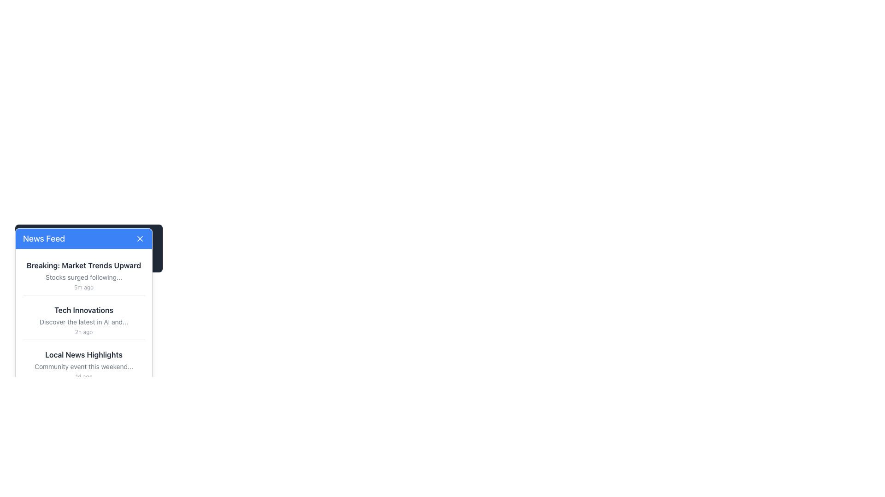  Describe the element at coordinates (84, 364) in the screenshot. I see `the title of the third news item in the News Feed` at that location.